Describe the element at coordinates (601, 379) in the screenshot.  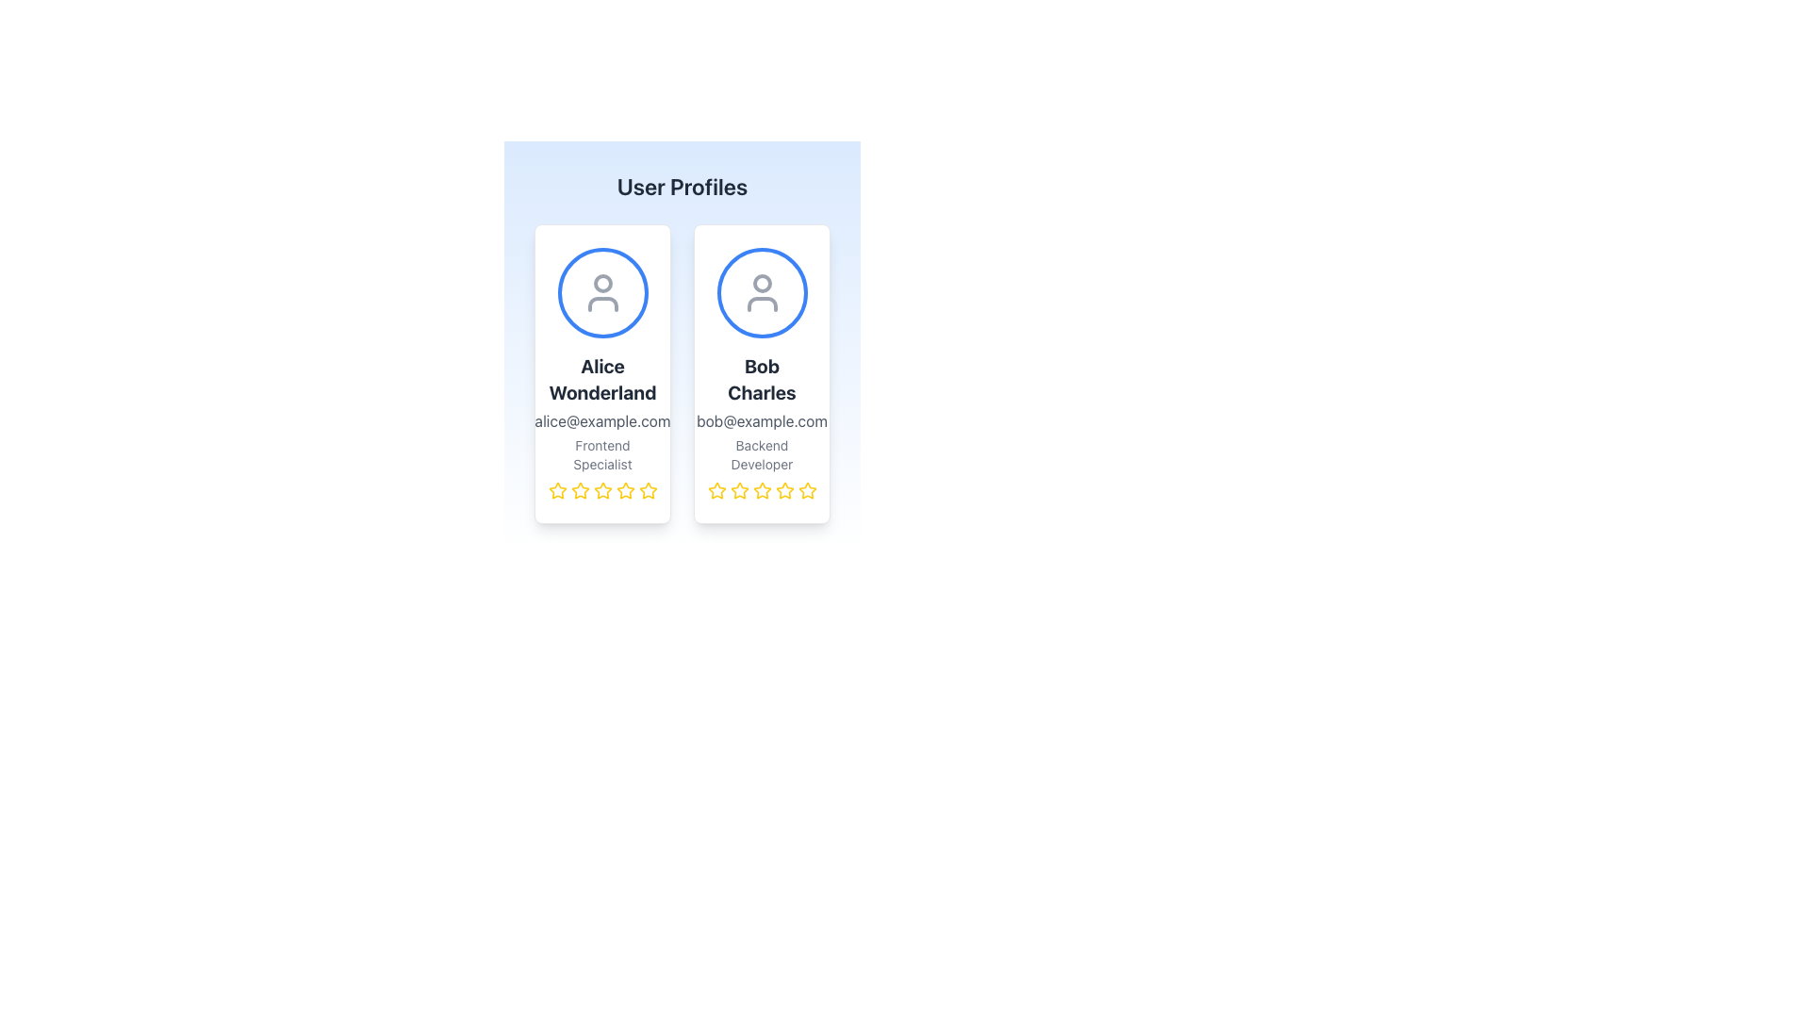
I see `the text element displaying 'Alice Wonderland' which is styled in bold, large dark gray font and centered within a white card with rounded corners` at that location.